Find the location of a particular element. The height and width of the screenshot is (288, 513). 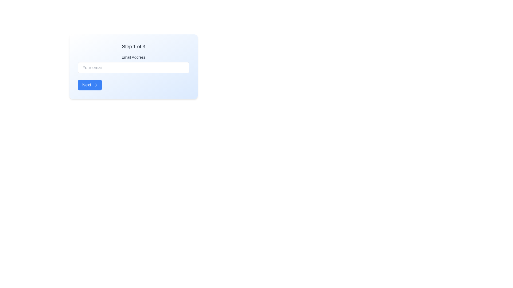

the email address input field located in the blue-gradient form labeled 'Step 1 of 3', positioned below the text 'Email Address' and above the 'Next' button is located at coordinates (133, 66).